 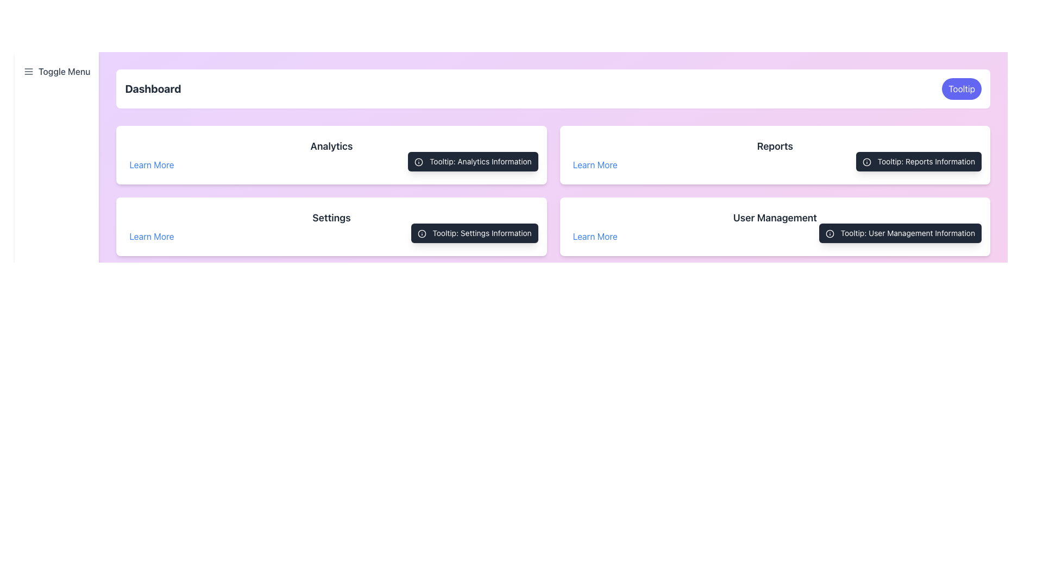 What do you see at coordinates (829, 233) in the screenshot?
I see `the circular SVG graphic element that represents the tooltip icon for 'User Management Information'` at bounding box center [829, 233].